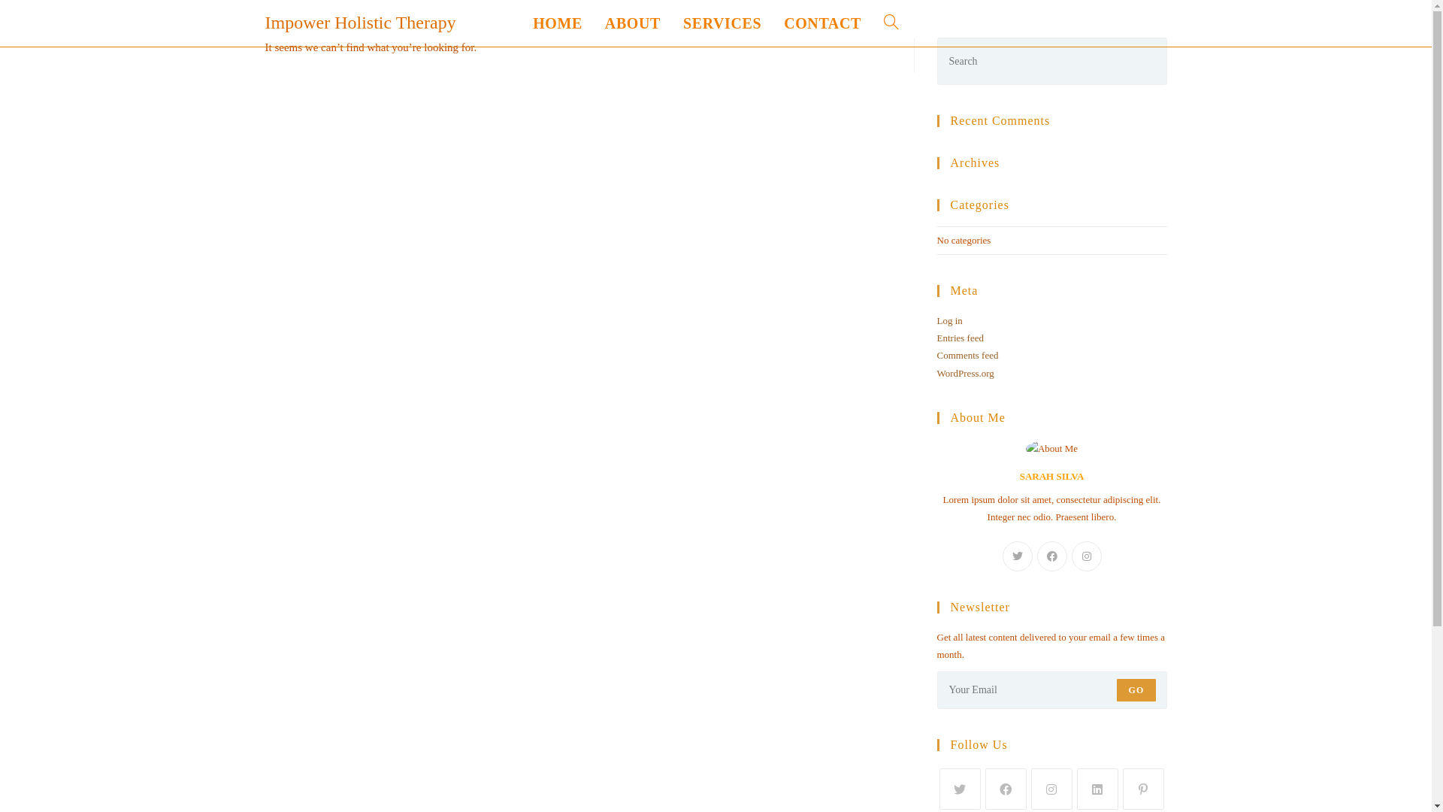  What do you see at coordinates (948, 320) in the screenshot?
I see `'Log in'` at bounding box center [948, 320].